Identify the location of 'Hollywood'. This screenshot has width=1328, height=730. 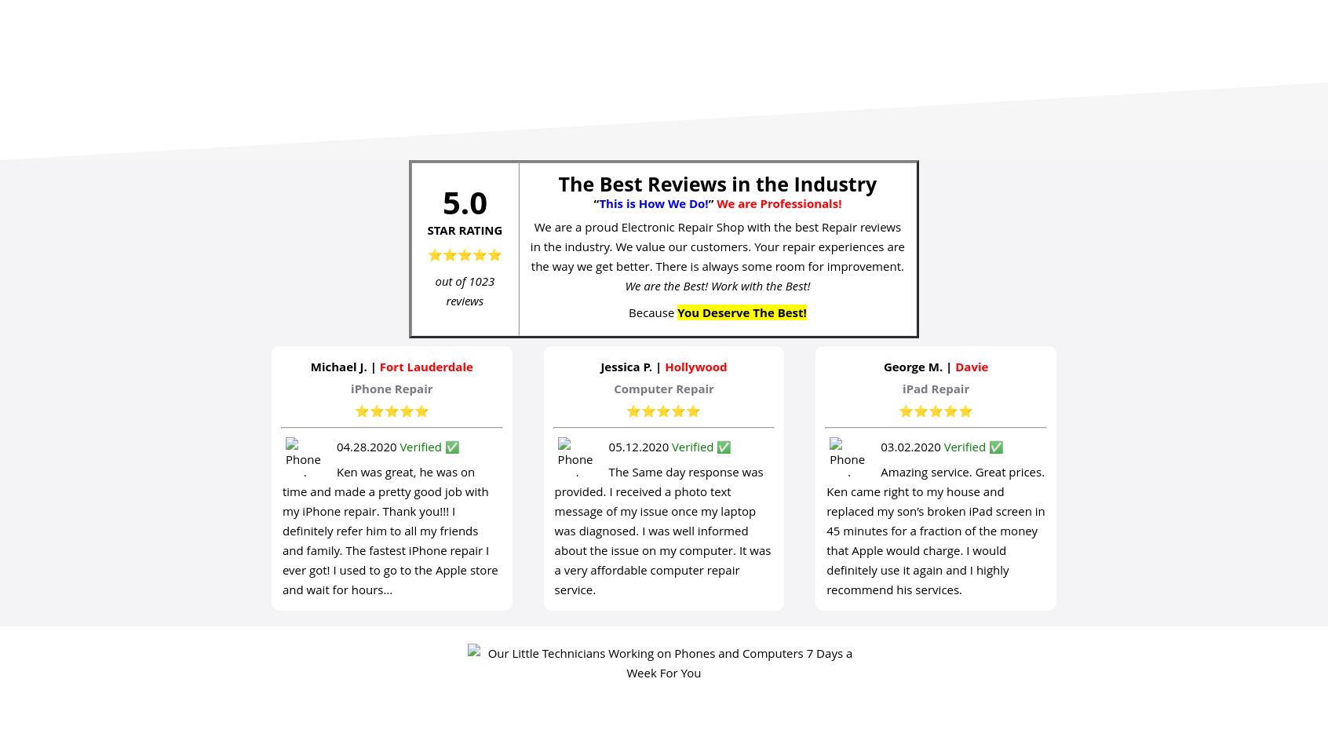
(695, 365).